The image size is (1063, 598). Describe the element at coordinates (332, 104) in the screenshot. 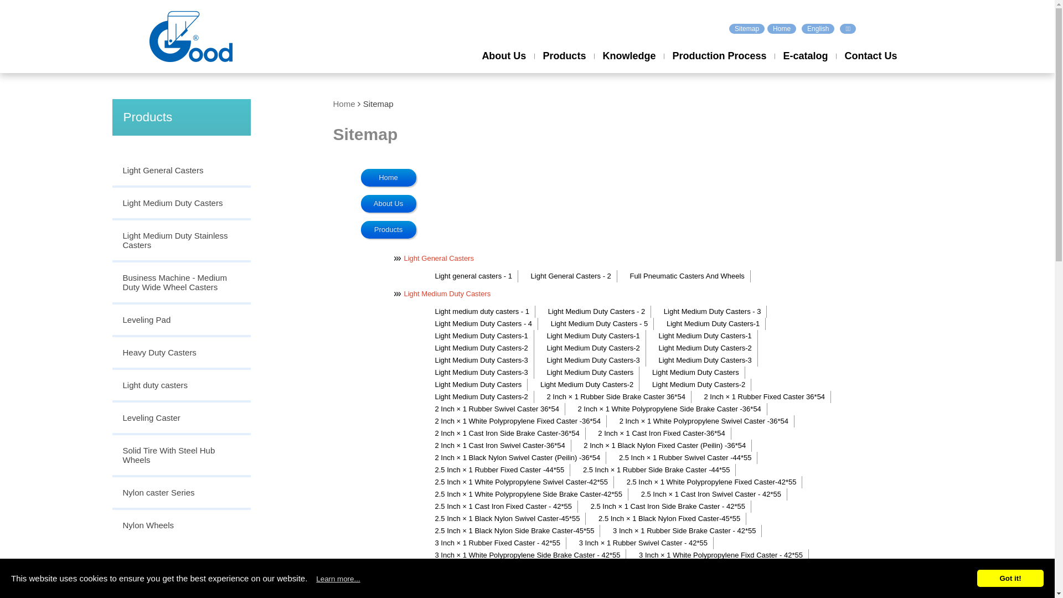

I see `'Home'` at that location.